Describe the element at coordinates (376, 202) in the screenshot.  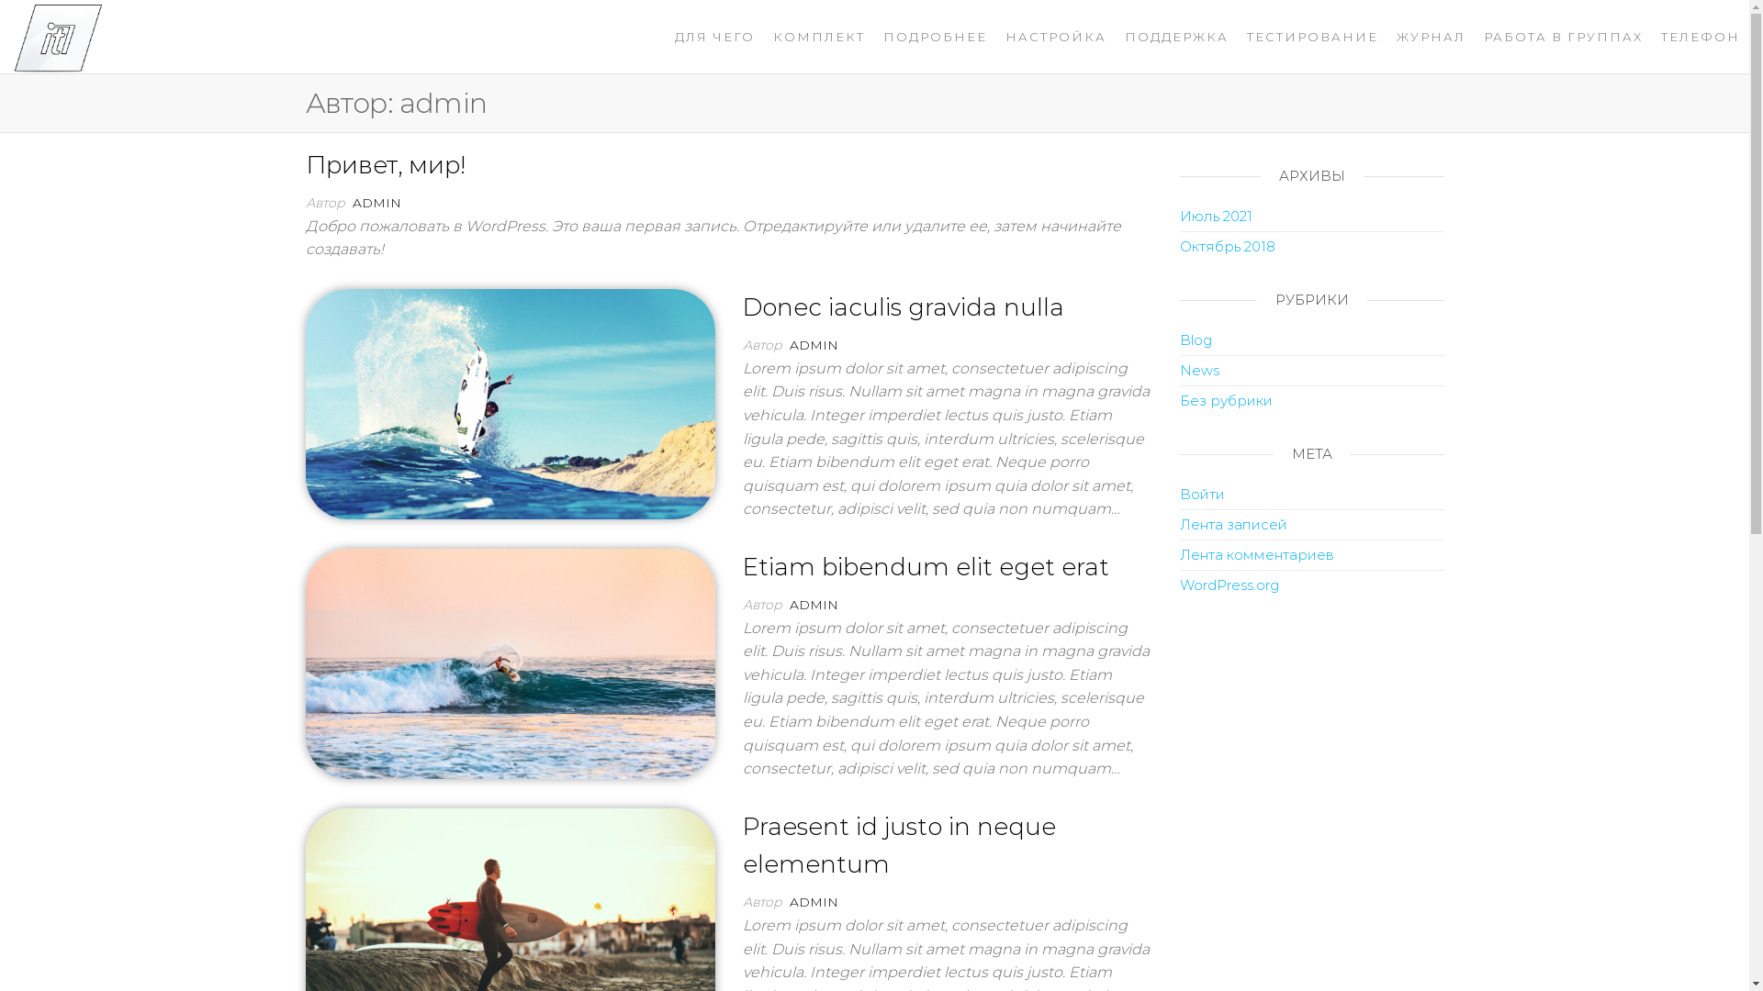
I see `'ADMIN'` at that location.